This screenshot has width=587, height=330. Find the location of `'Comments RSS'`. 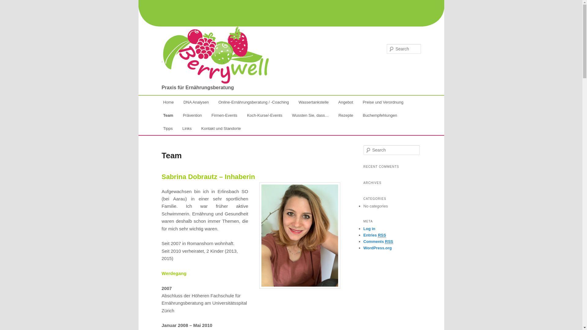

'Comments RSS' is located at coordinates (363, 241).